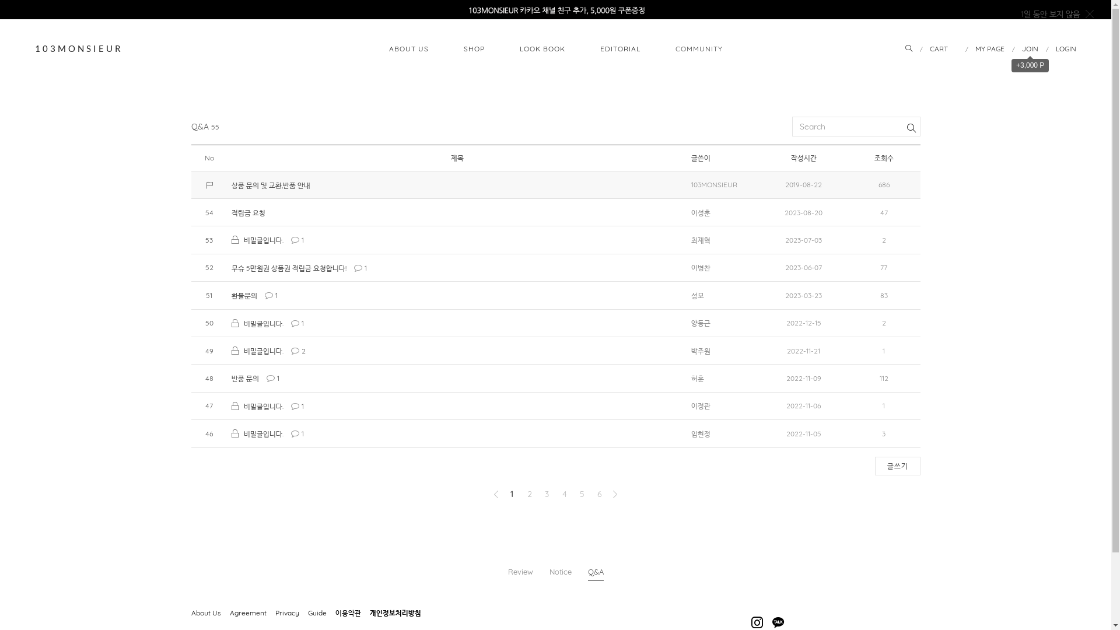  What do you see at coordinates (546, 494) in the screenshot?
I see `'3'` at bounding box center [546, 494].